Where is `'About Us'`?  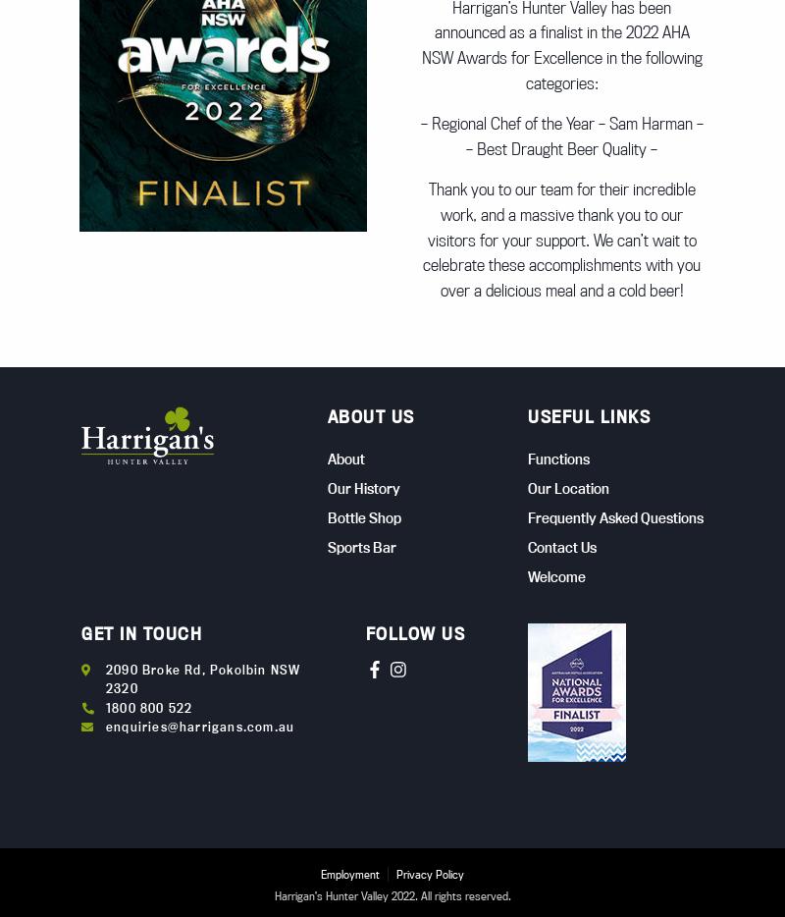
'About Us' is located at coordinates (369, 416).